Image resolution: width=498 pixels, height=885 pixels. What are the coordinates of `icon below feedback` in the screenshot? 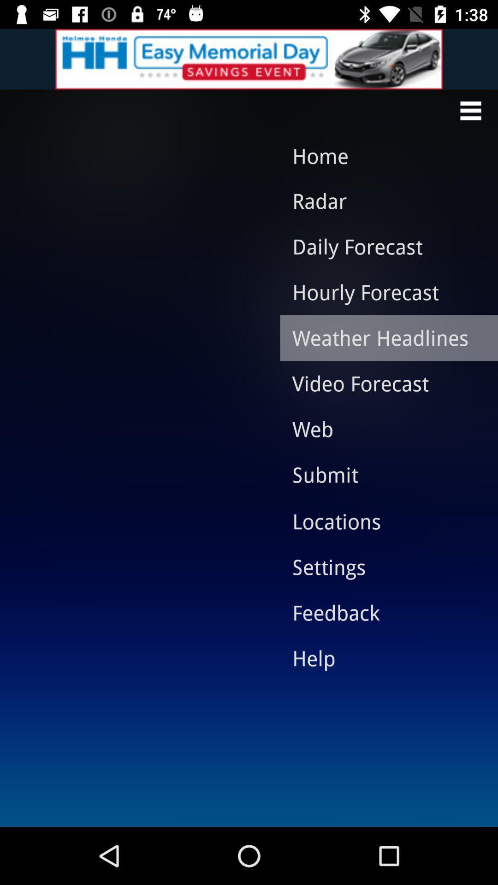 It's located at (382, 657).